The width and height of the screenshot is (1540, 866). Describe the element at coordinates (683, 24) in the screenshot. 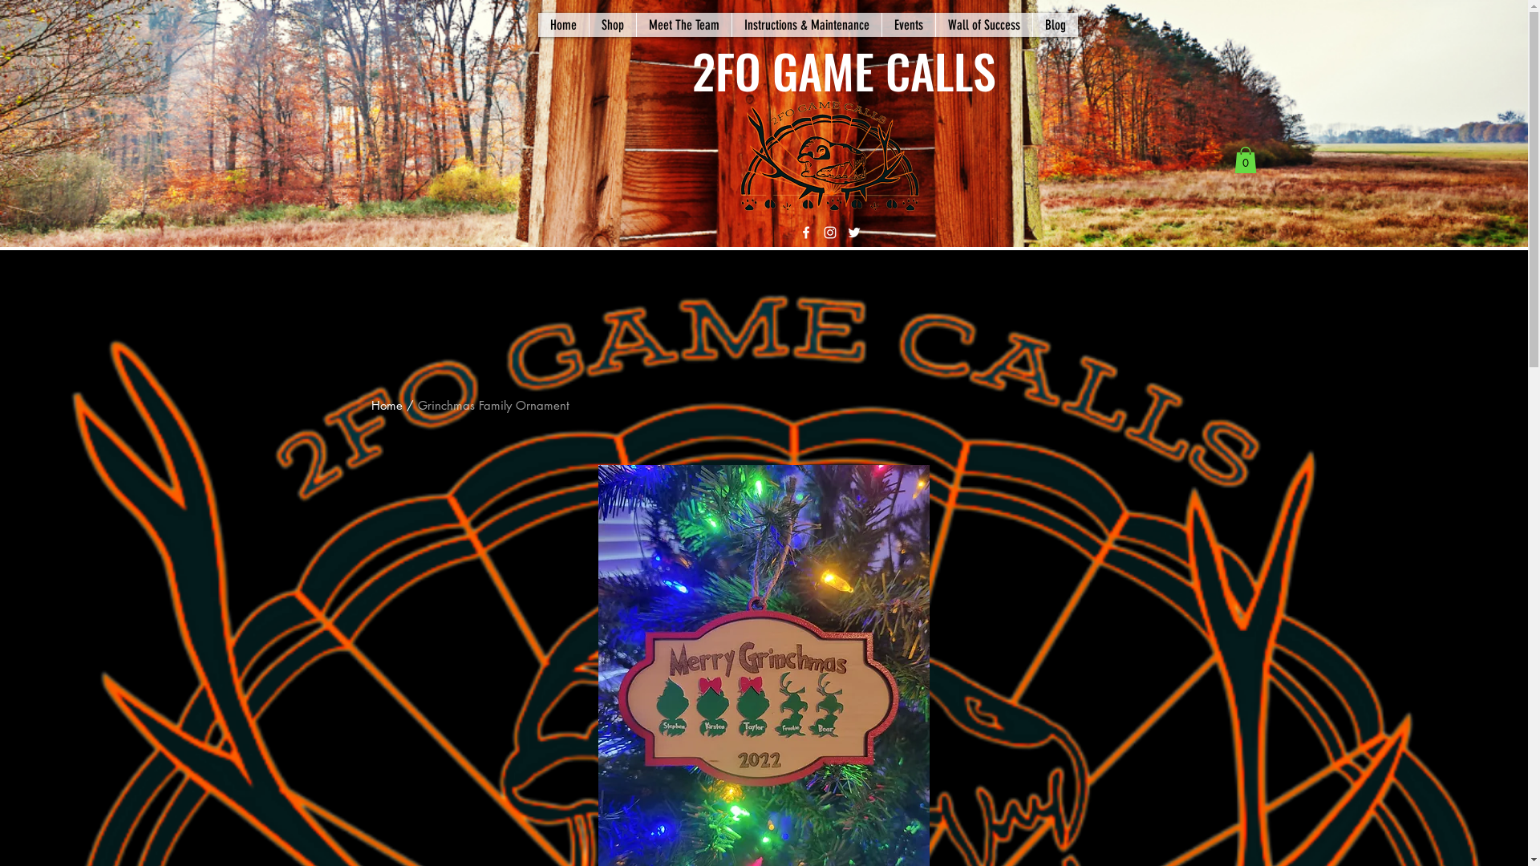

I see `'Meet The Team'` at that location.